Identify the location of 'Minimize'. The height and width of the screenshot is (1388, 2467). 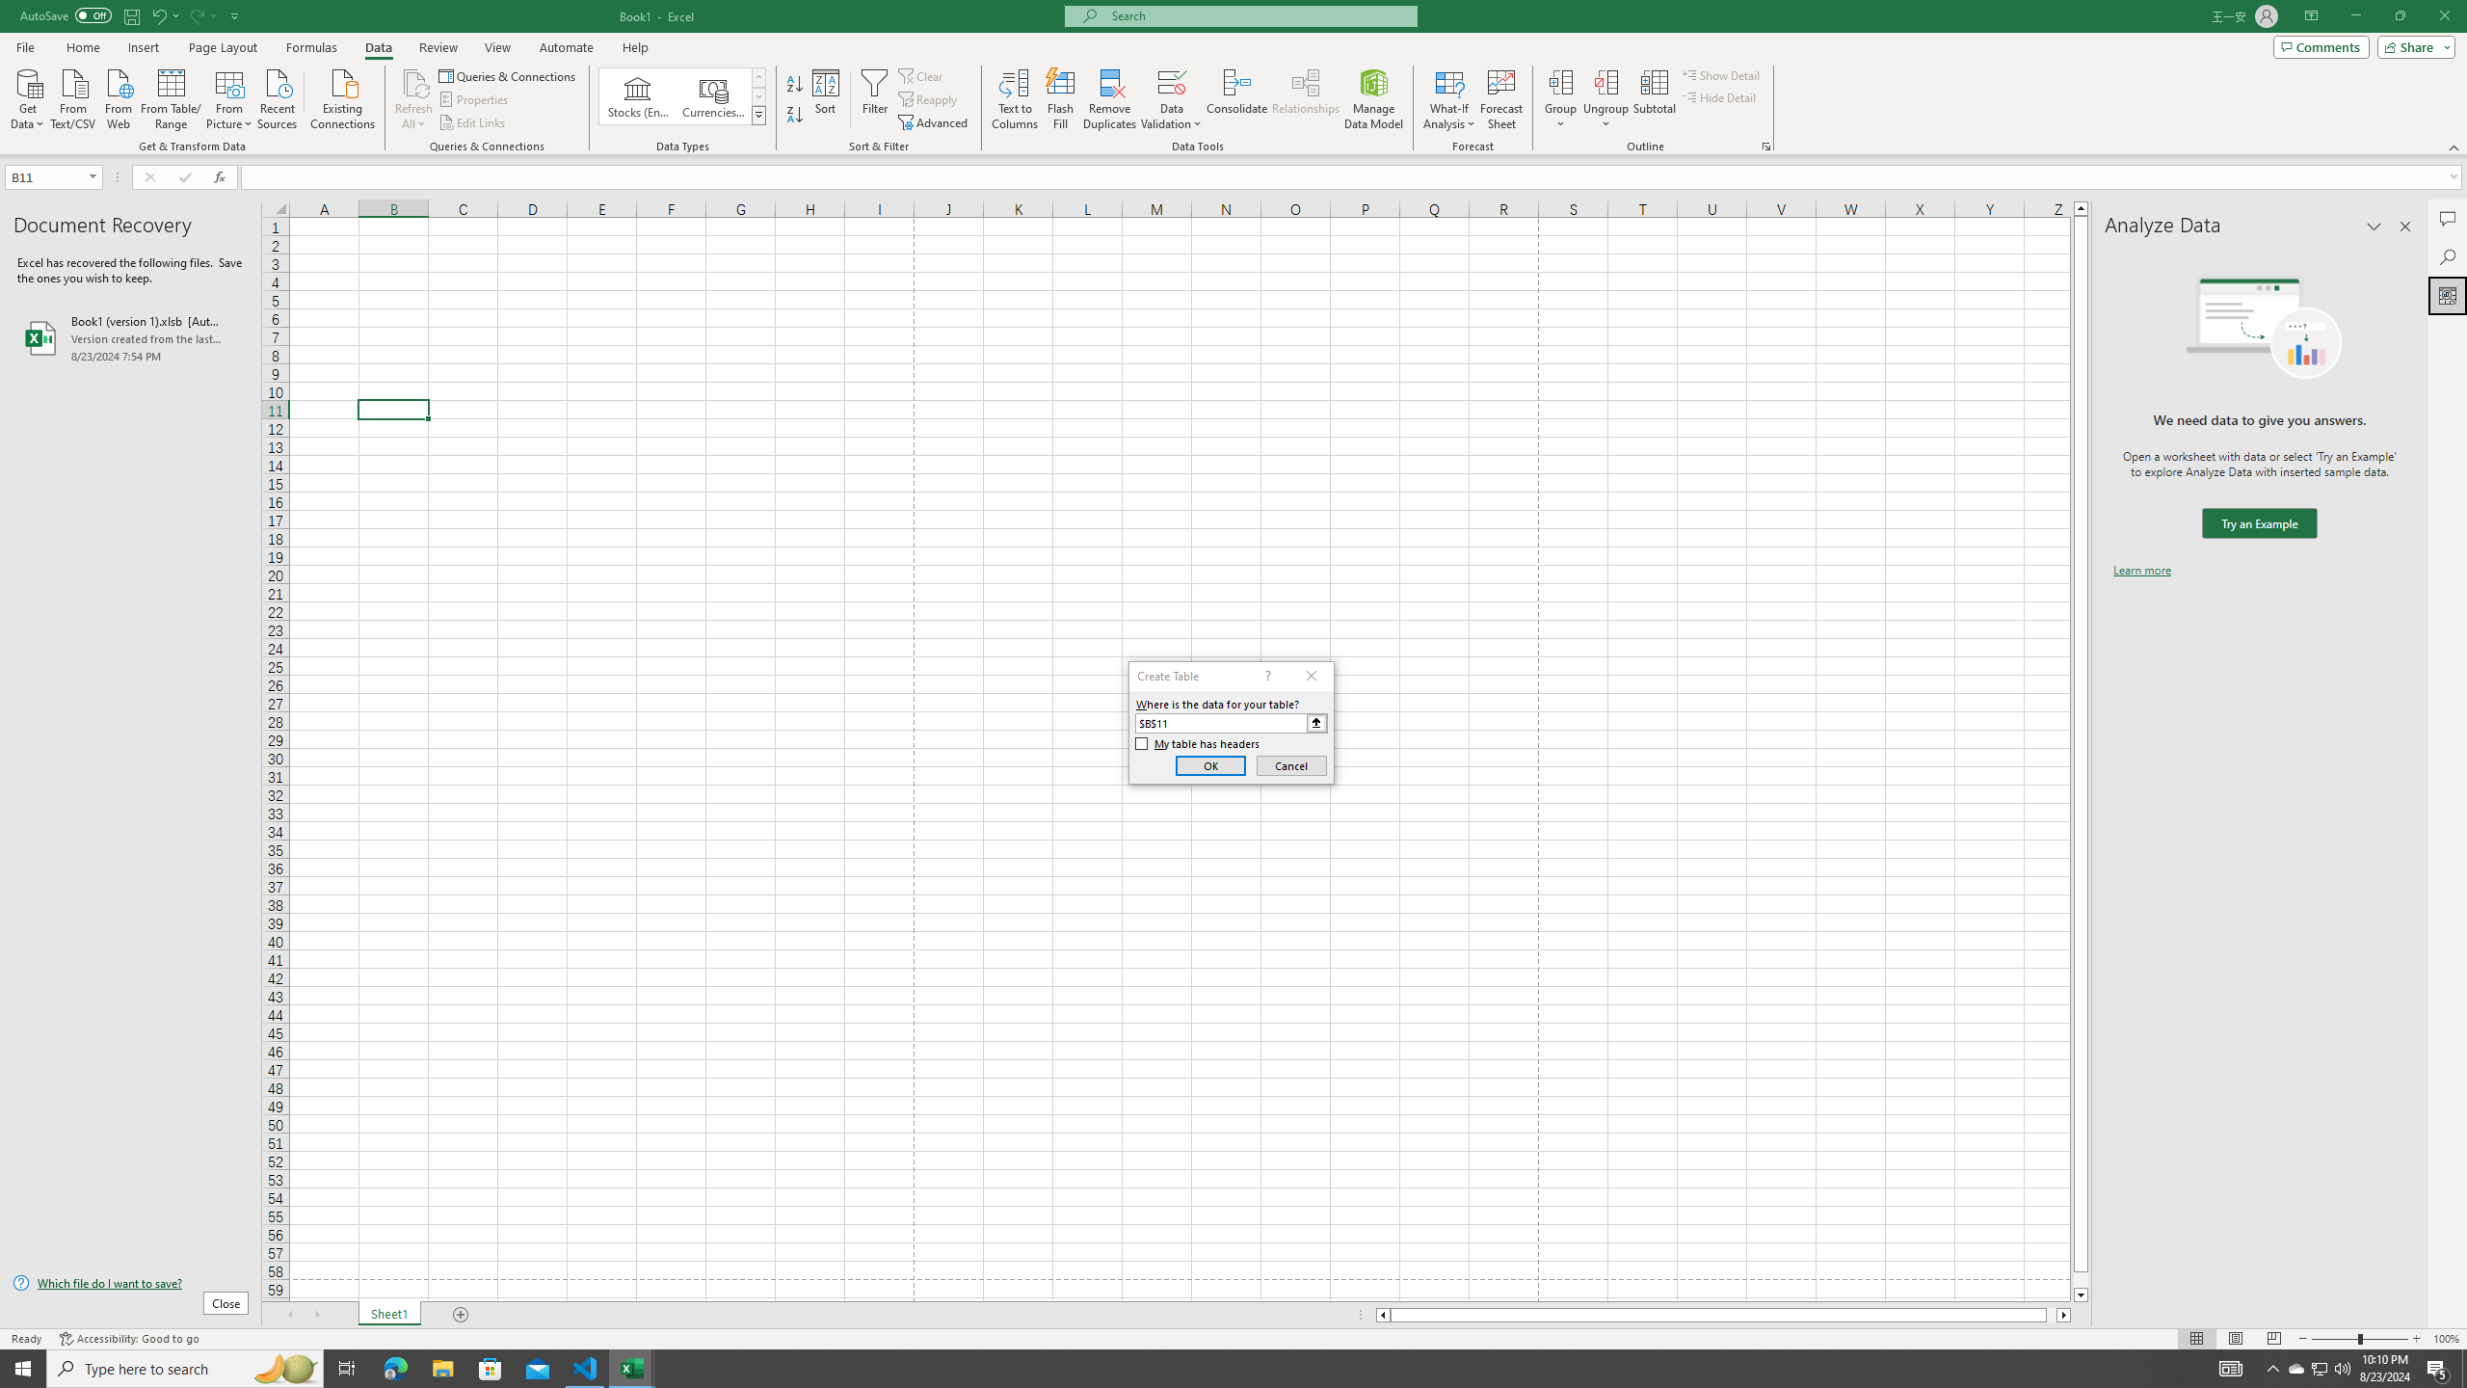
(2354, 15).